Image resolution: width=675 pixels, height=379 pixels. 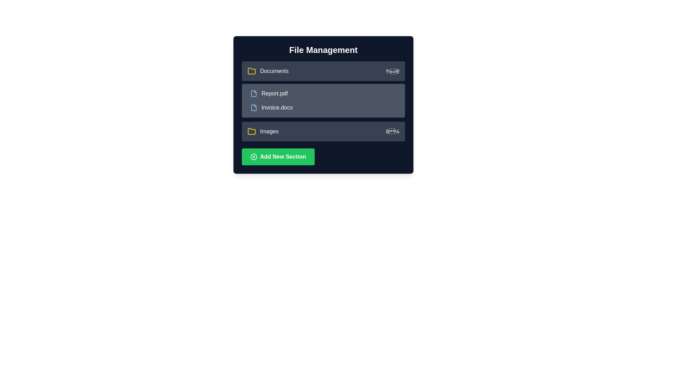 I want to click on the folder icon representing 'Images', so click(x=251, y=131).